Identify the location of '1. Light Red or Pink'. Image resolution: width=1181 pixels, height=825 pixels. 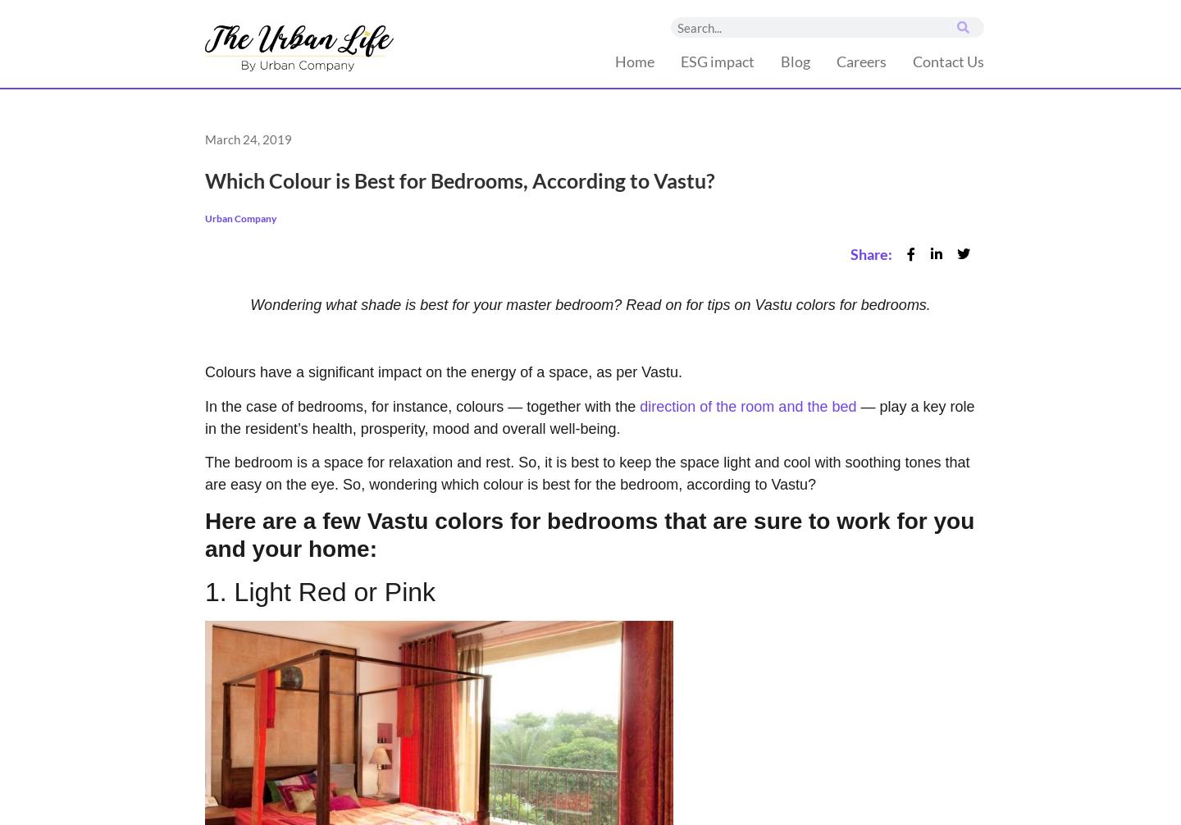
(319, 591).